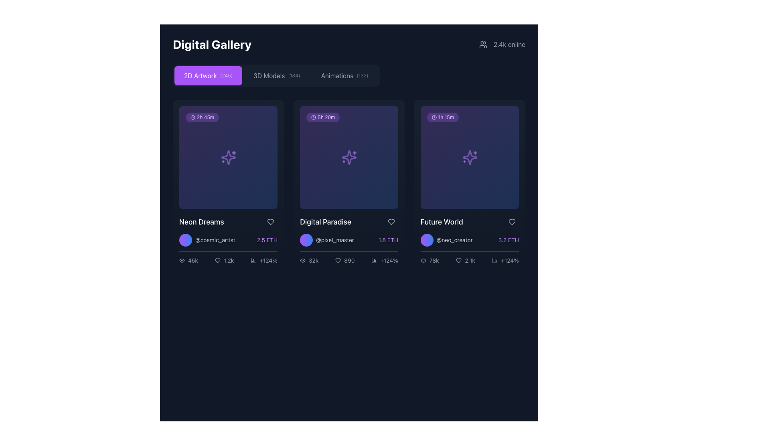 This screenshot has width=770, height=433. I want to click on the button labeled '3D Models (184)' for keyboard interaction, so click(277, 76).